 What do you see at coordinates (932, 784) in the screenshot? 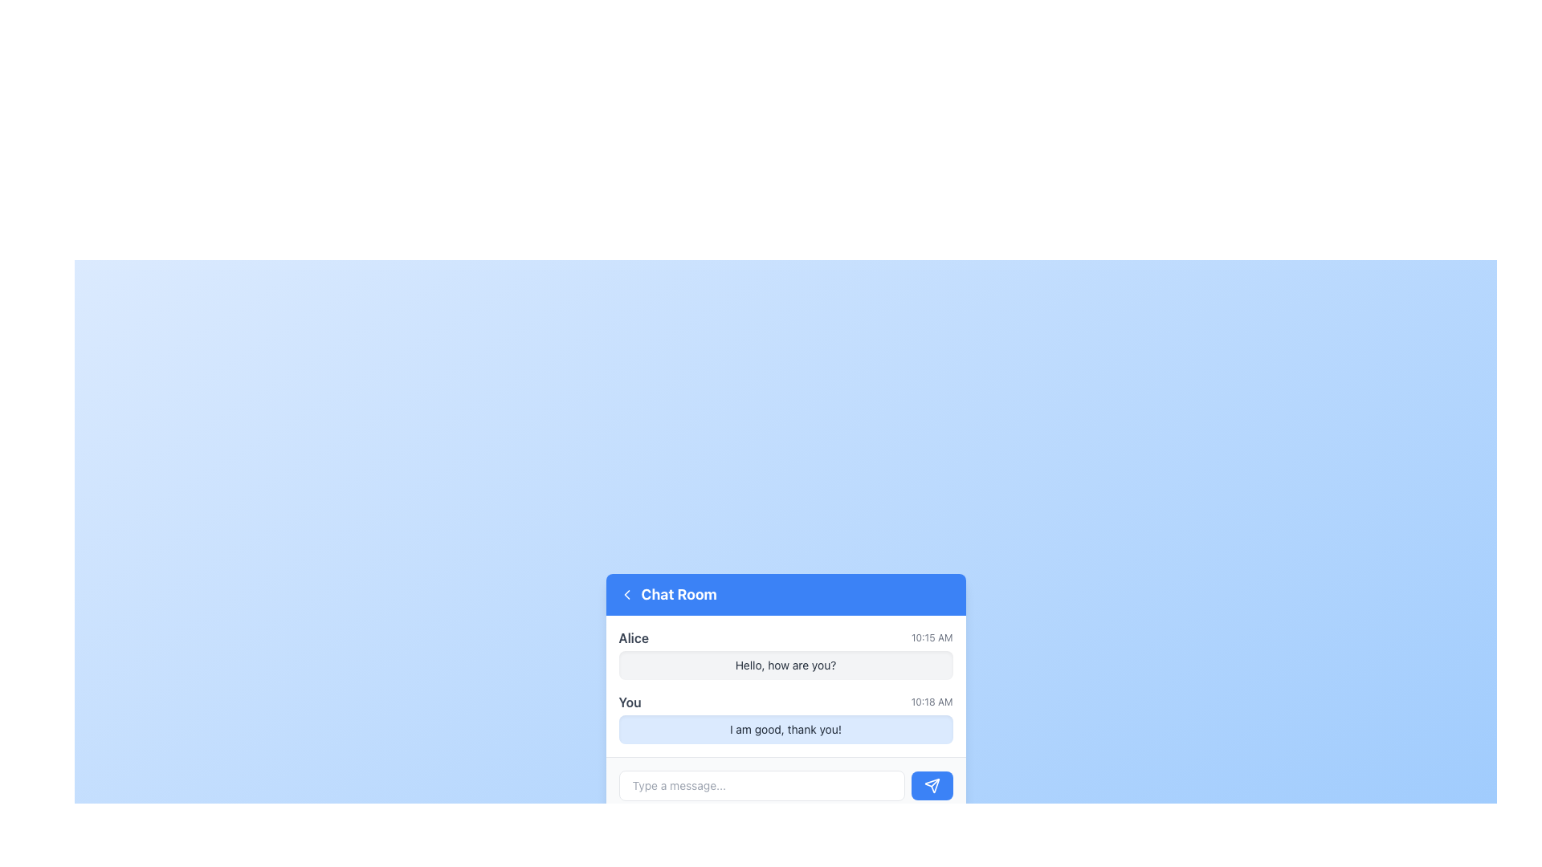
I see `the paper airplane icon located inside the send button at the bottom-right corner of the chat interface` at bounding box center [932, 784].